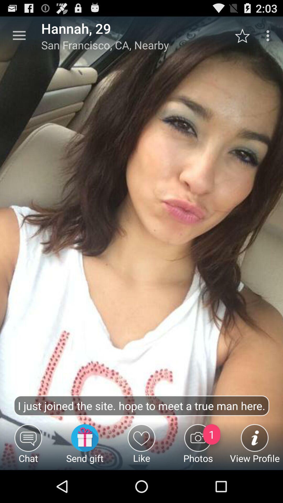 The width and height of the screenshot is (283, 503). What do you see at coordinates (254, 447) in the screenshot?
I see `icon to the right of photos icon` at bounding box center [254, 447].